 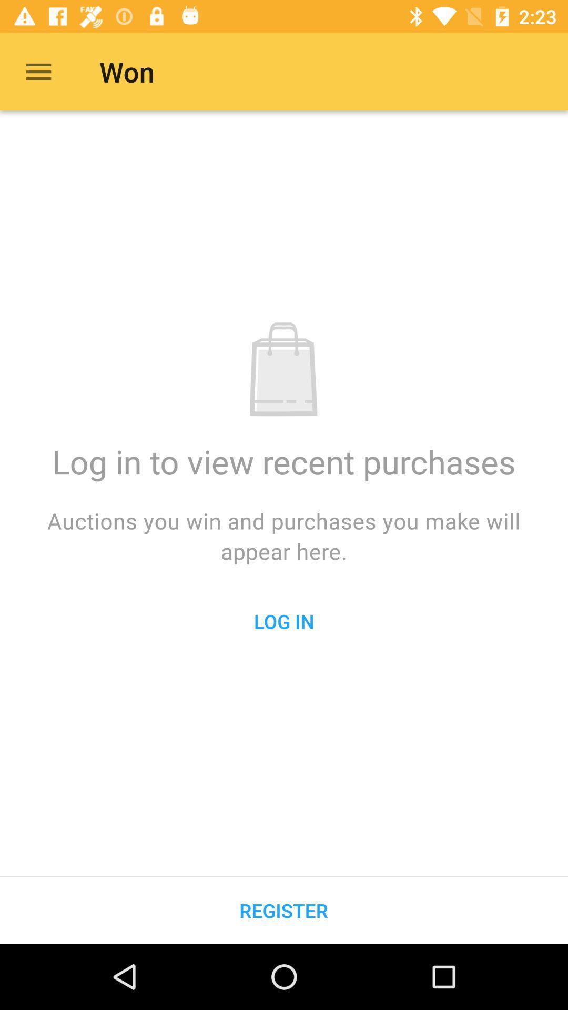 I want to click on the icon next to won, so click(x=38, y=71).